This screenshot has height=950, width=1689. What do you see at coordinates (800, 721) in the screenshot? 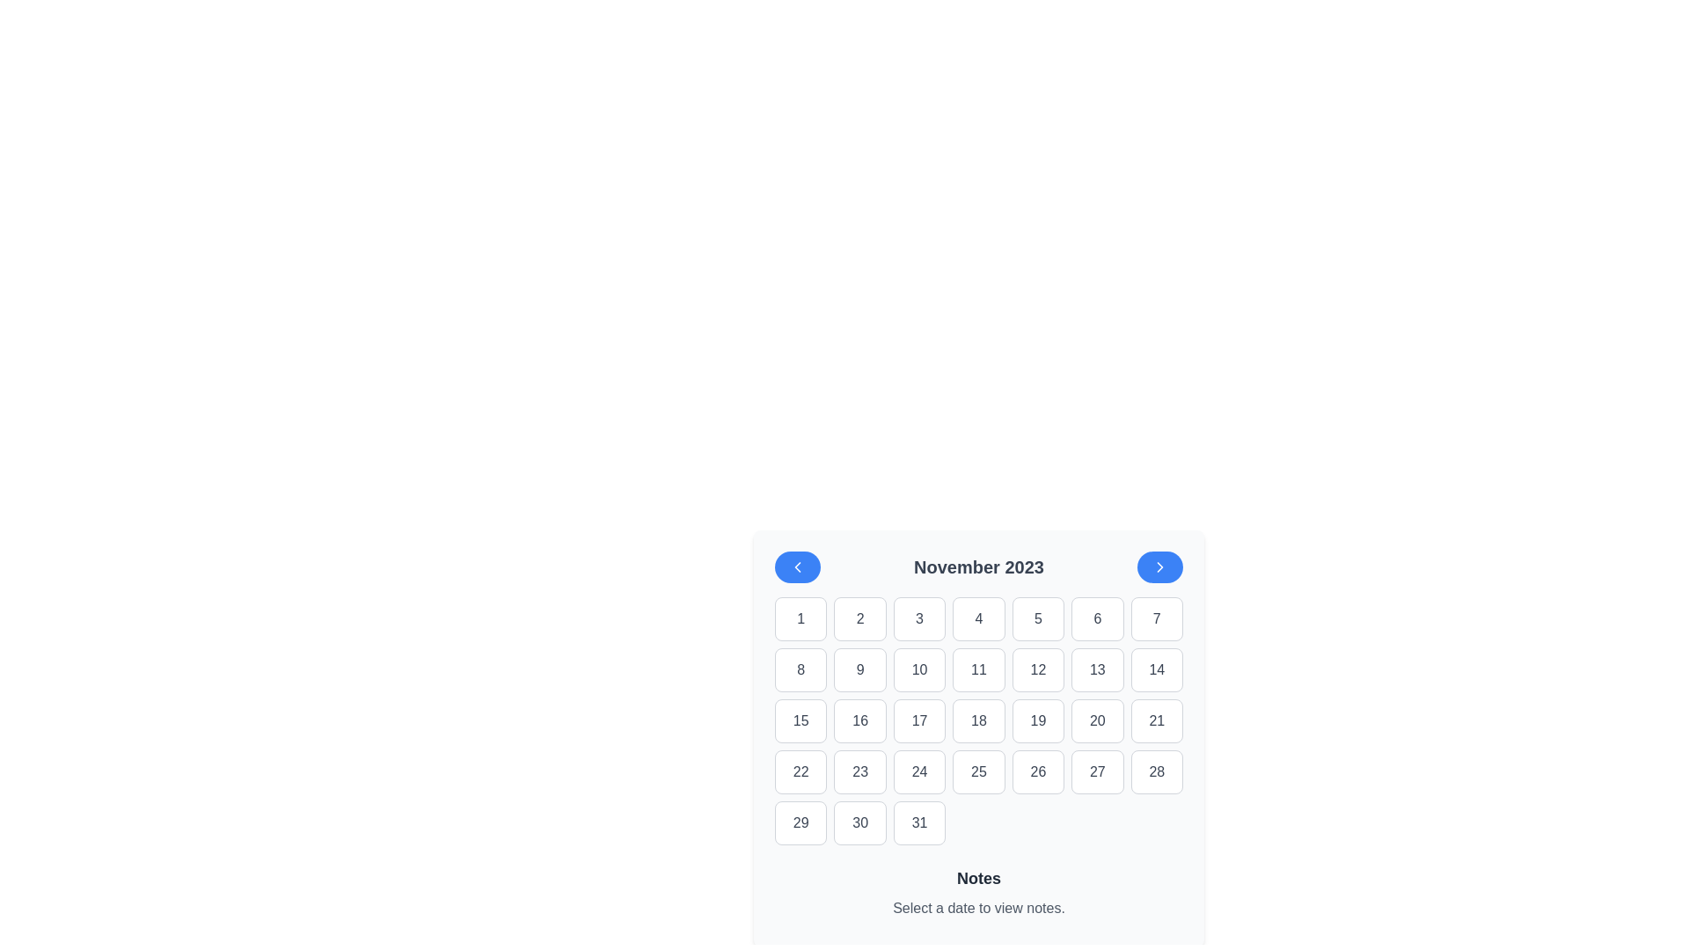
I see `the button displaying the number '15' in dark gray, located in the grid layout of the calendar section below 'November 2023'` at bounding box center [800, 721].